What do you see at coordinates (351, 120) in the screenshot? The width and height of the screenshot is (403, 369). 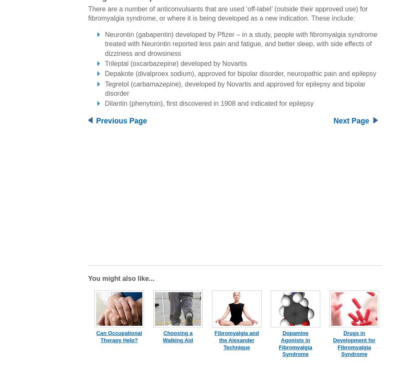 I see `'Next Page'` at bounding box center [351, 120].